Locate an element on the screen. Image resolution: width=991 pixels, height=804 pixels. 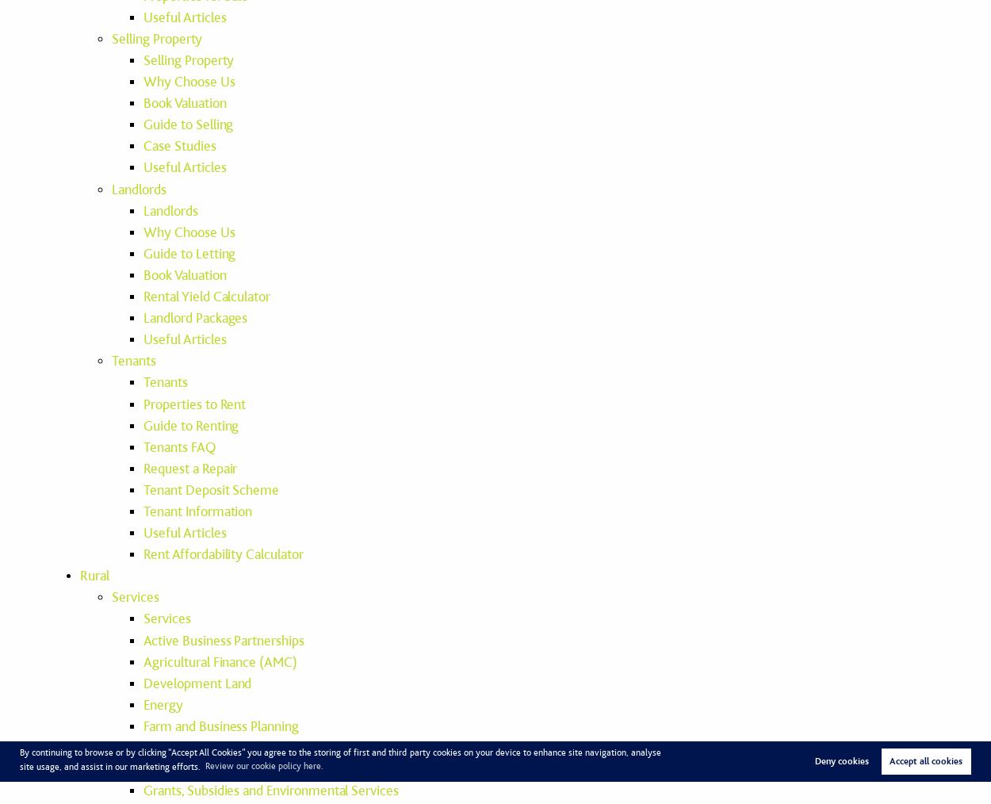
'Rural' is located at coordinates (79, 575).